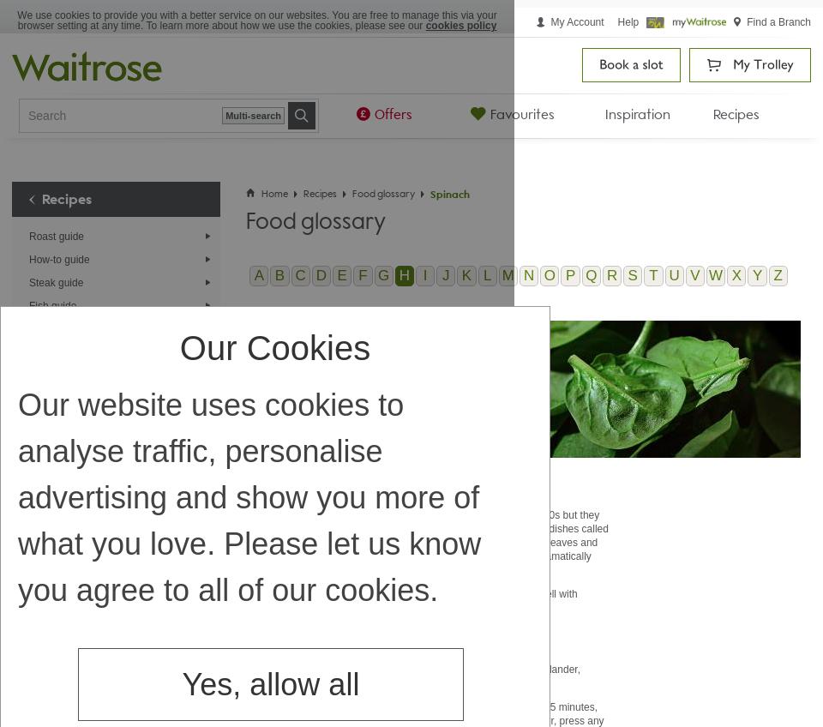 Image resolution: width=823 pixels, height=727 pixels. What do you see at coordinates (449, 193) in the screenshot?
I see `'Spinach'` at bounding box center [449, 193].